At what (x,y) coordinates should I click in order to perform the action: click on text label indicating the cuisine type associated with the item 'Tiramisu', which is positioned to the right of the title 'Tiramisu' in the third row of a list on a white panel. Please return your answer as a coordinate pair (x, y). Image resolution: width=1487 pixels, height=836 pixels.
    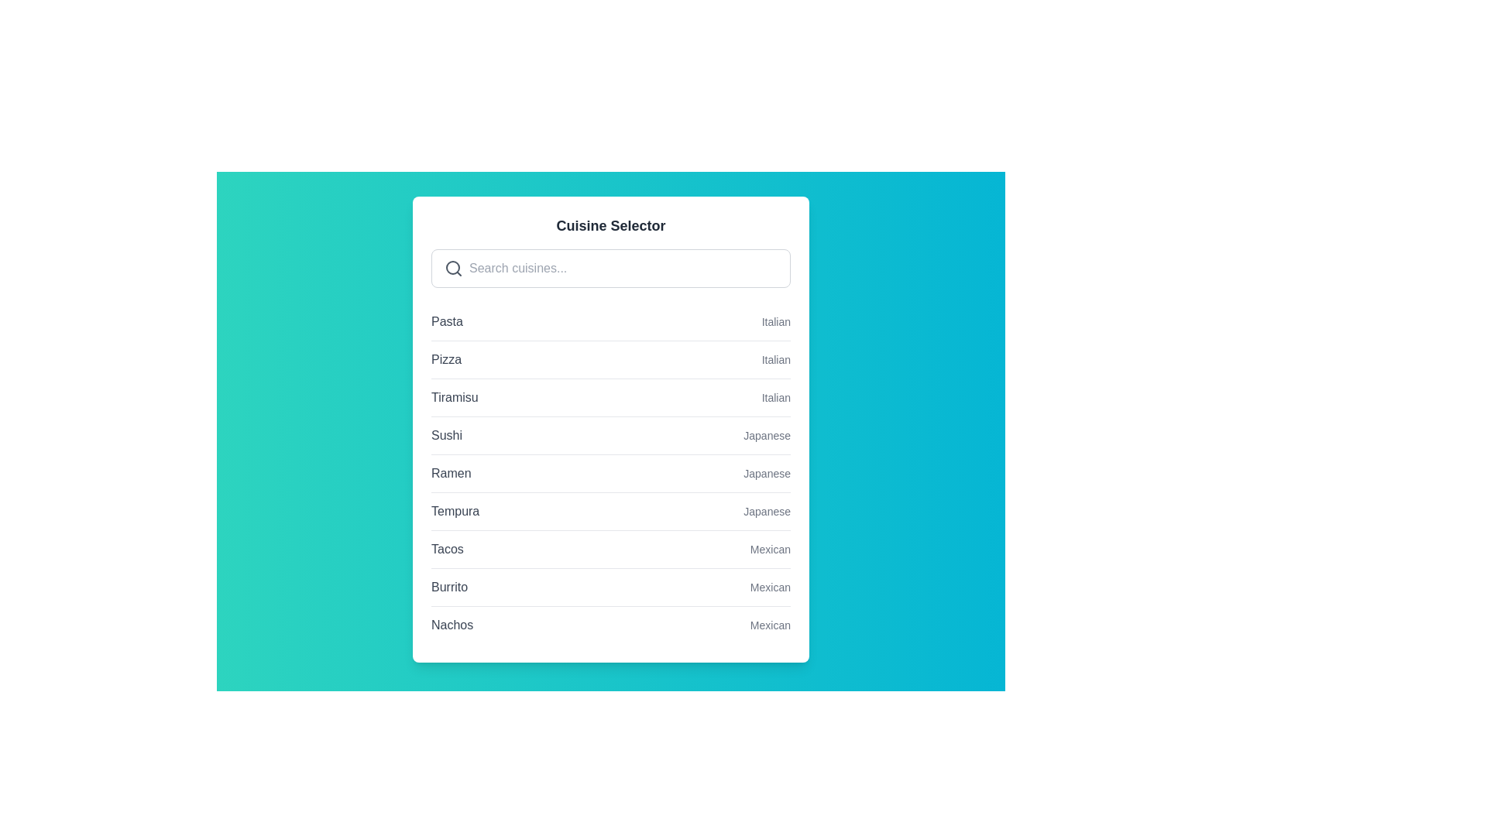
    Looking at the image, I should click on (776, 396).